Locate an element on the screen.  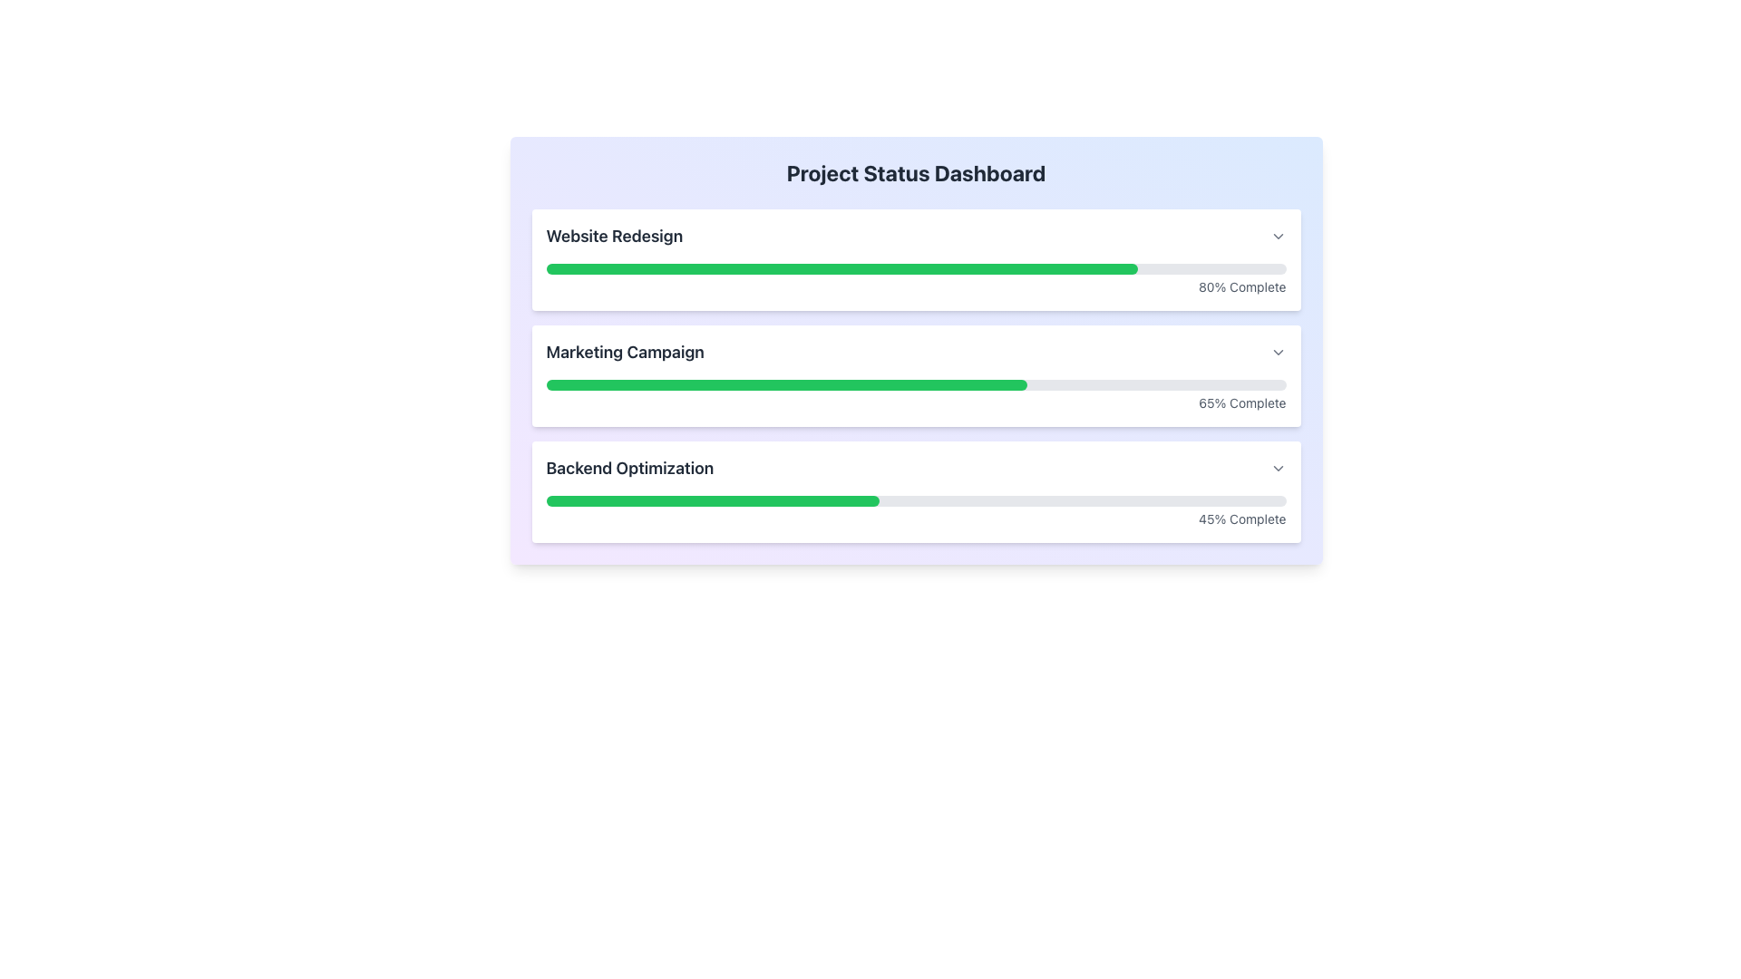
the completion status of the progress bar located in the middle card of the 'Project Status Dashboard' interface, positioned below the title 'Marketing Campaign' and above the label '65% Complete' is located at coordinates (916, 383).